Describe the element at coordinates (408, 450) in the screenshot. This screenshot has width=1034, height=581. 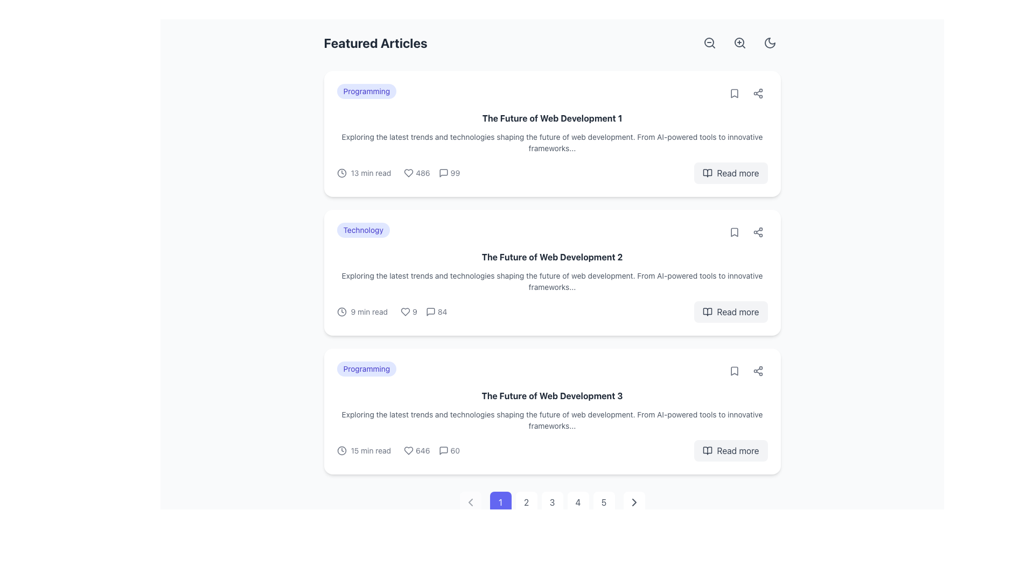
I see `the heart-shaped icon styled in gray located next to the number '646' in the lower part of the third article card` at that location.